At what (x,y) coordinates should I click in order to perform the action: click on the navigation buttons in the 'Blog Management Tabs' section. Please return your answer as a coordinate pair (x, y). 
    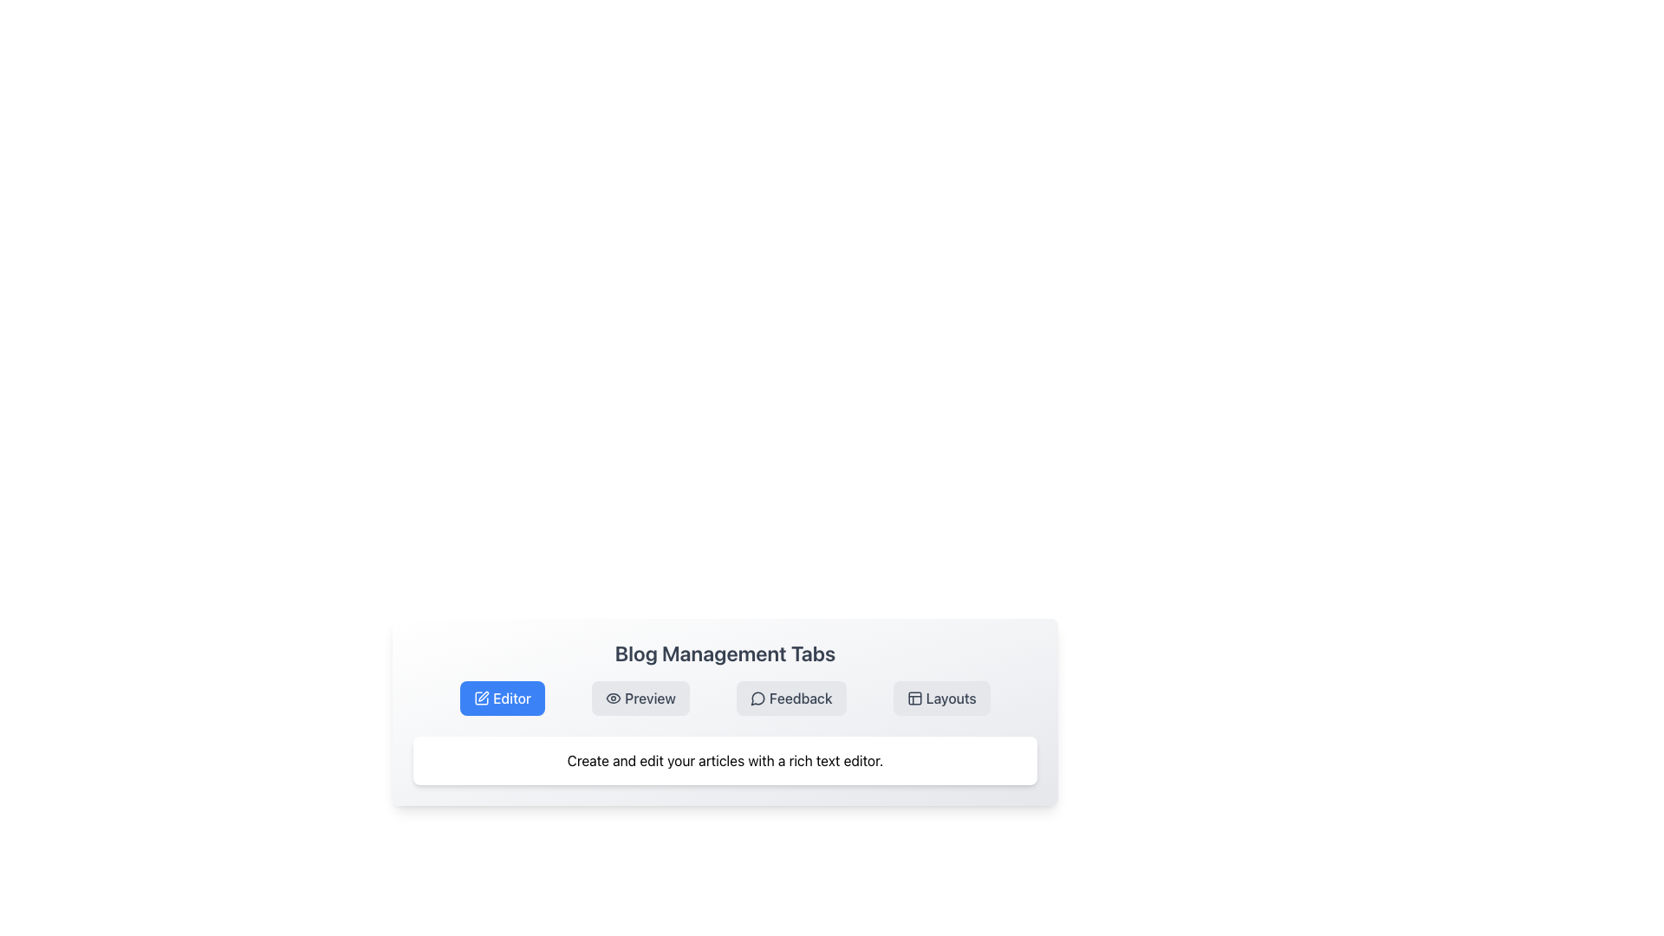
    Looking at the image, I should click on (725, 712).